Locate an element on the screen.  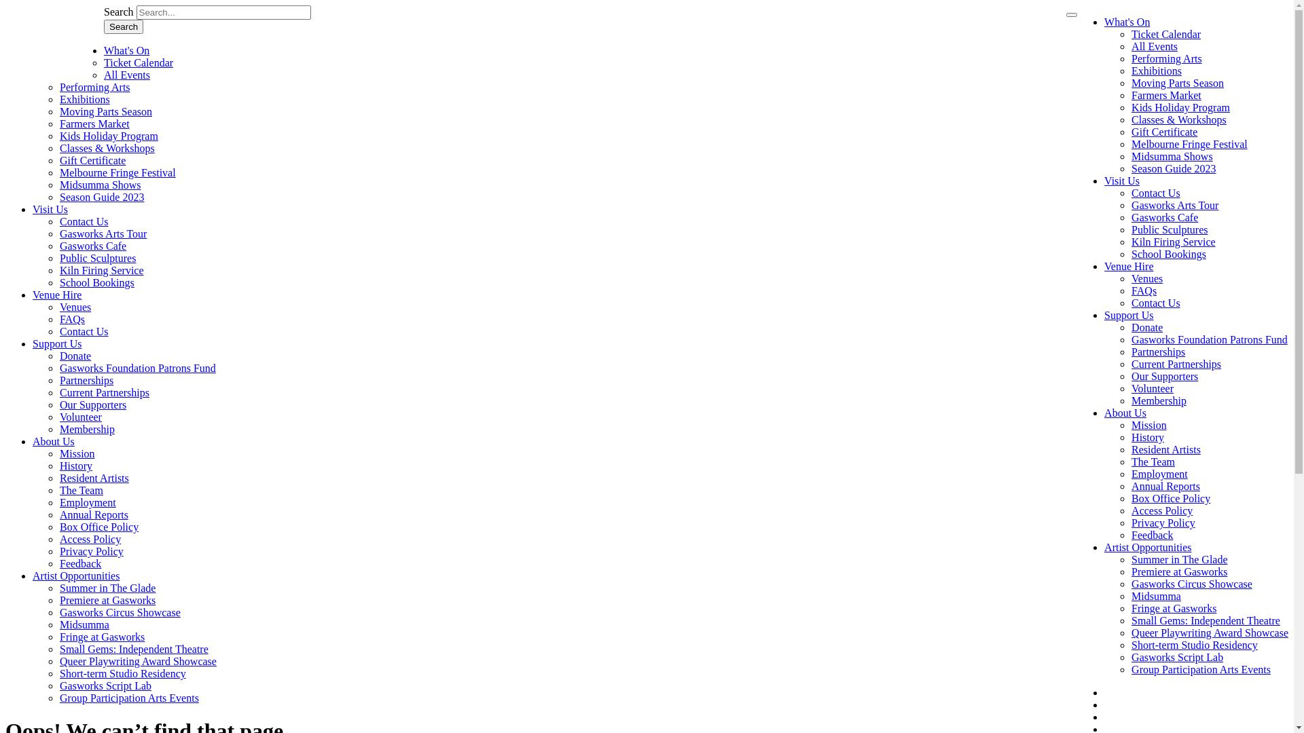
'Volunteer' is located at coordinates (80, 416).